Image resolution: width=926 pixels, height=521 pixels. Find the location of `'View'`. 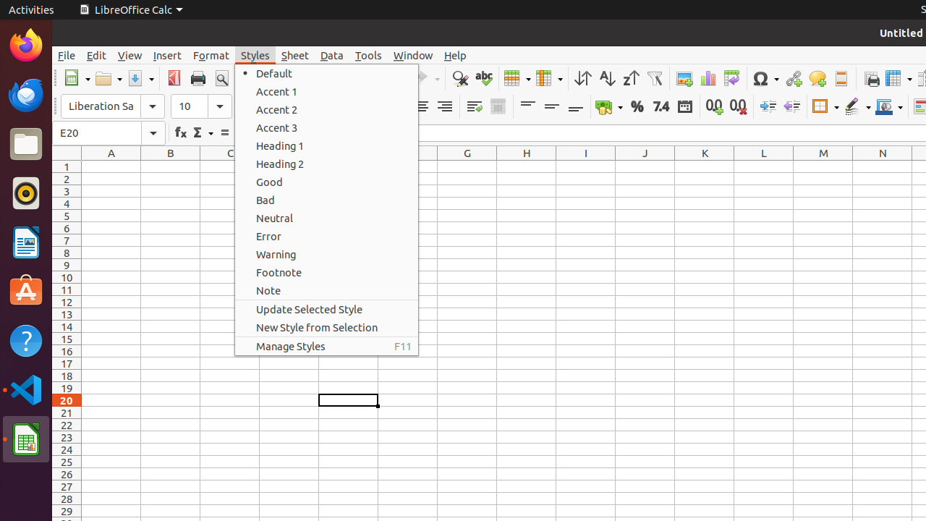

'View' is located at coordinates (129, 54).